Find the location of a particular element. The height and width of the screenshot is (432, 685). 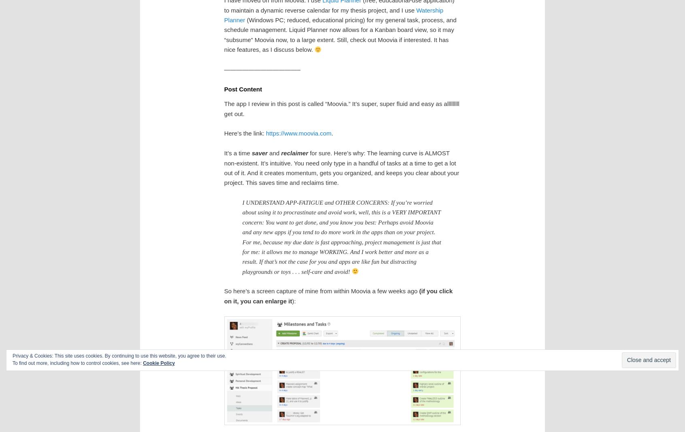

'Post Content' is located at coordinates (242, 89).